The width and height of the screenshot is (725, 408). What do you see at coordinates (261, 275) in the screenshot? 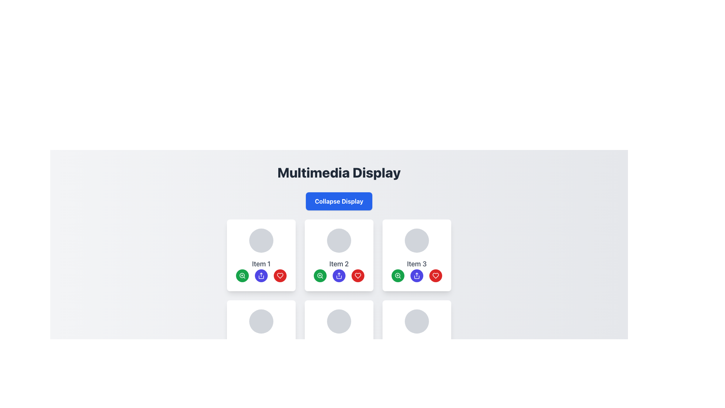
I see `the circular blue button with a white upward arrow icon at the center of the 'Item 1' card to initiate the sharing functionality` at bounding box center [261, 275].